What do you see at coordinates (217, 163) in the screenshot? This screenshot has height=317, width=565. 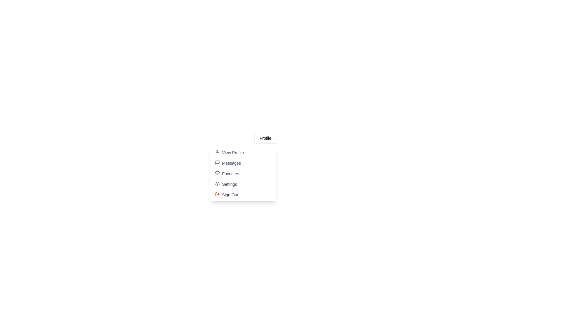 I see `the 'Messages' icon in the dropdown menu` at bounding box center [217, 163].